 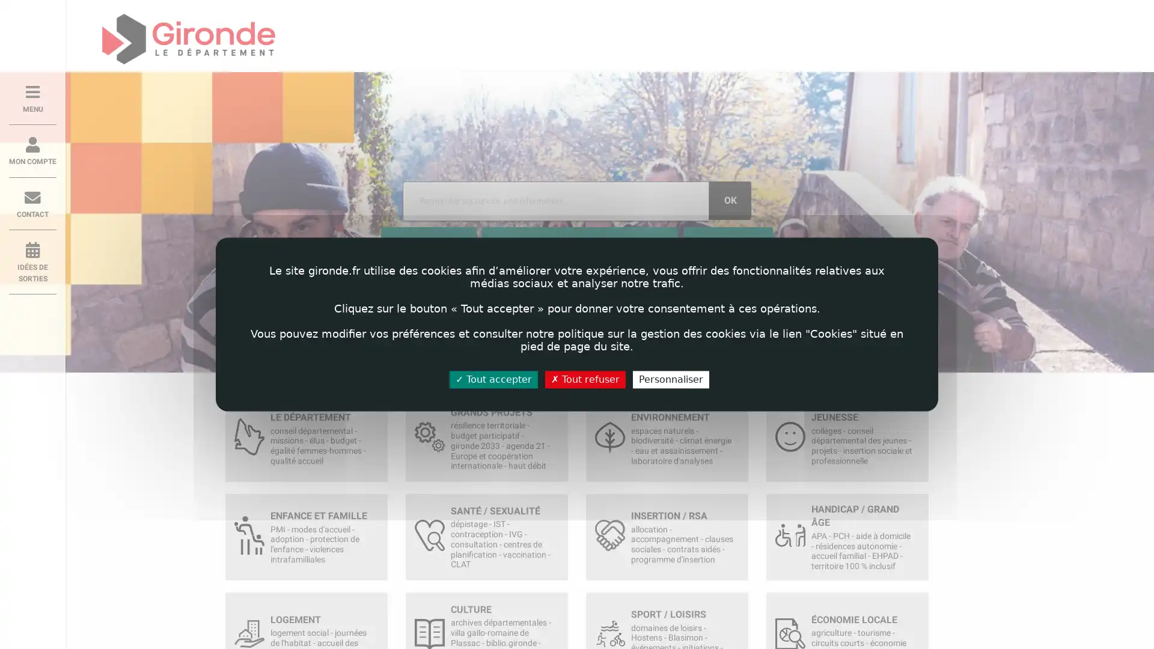 What do you see at coordinates (585, 379) in the screenshot?
I see `Tout refuser` at bounding box center [585, 379].